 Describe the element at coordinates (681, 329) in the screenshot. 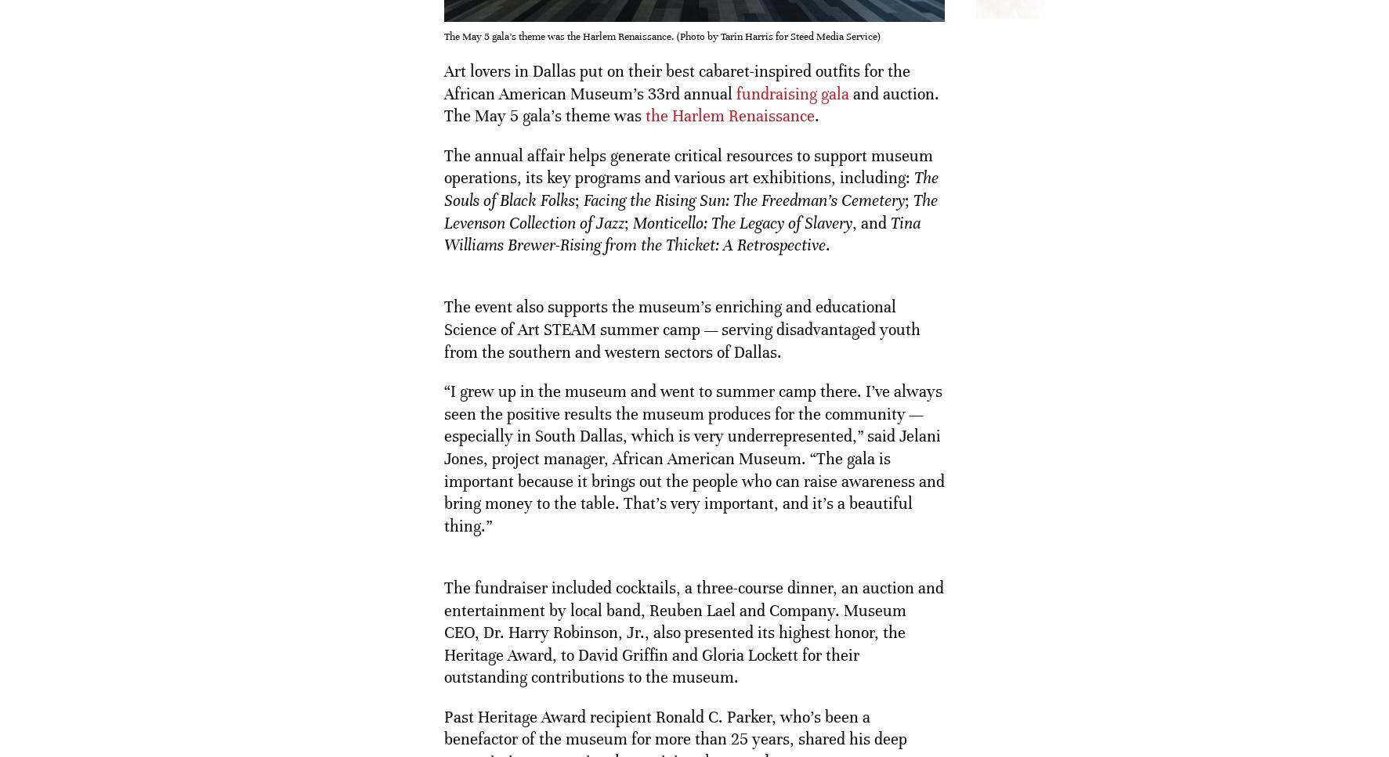

I see `'The event also supports the museum’s enriching and educational Science of Art STEAM summer camp — serving disadvantaged youth from the southern and western sectors of Dallas.'` at that location.